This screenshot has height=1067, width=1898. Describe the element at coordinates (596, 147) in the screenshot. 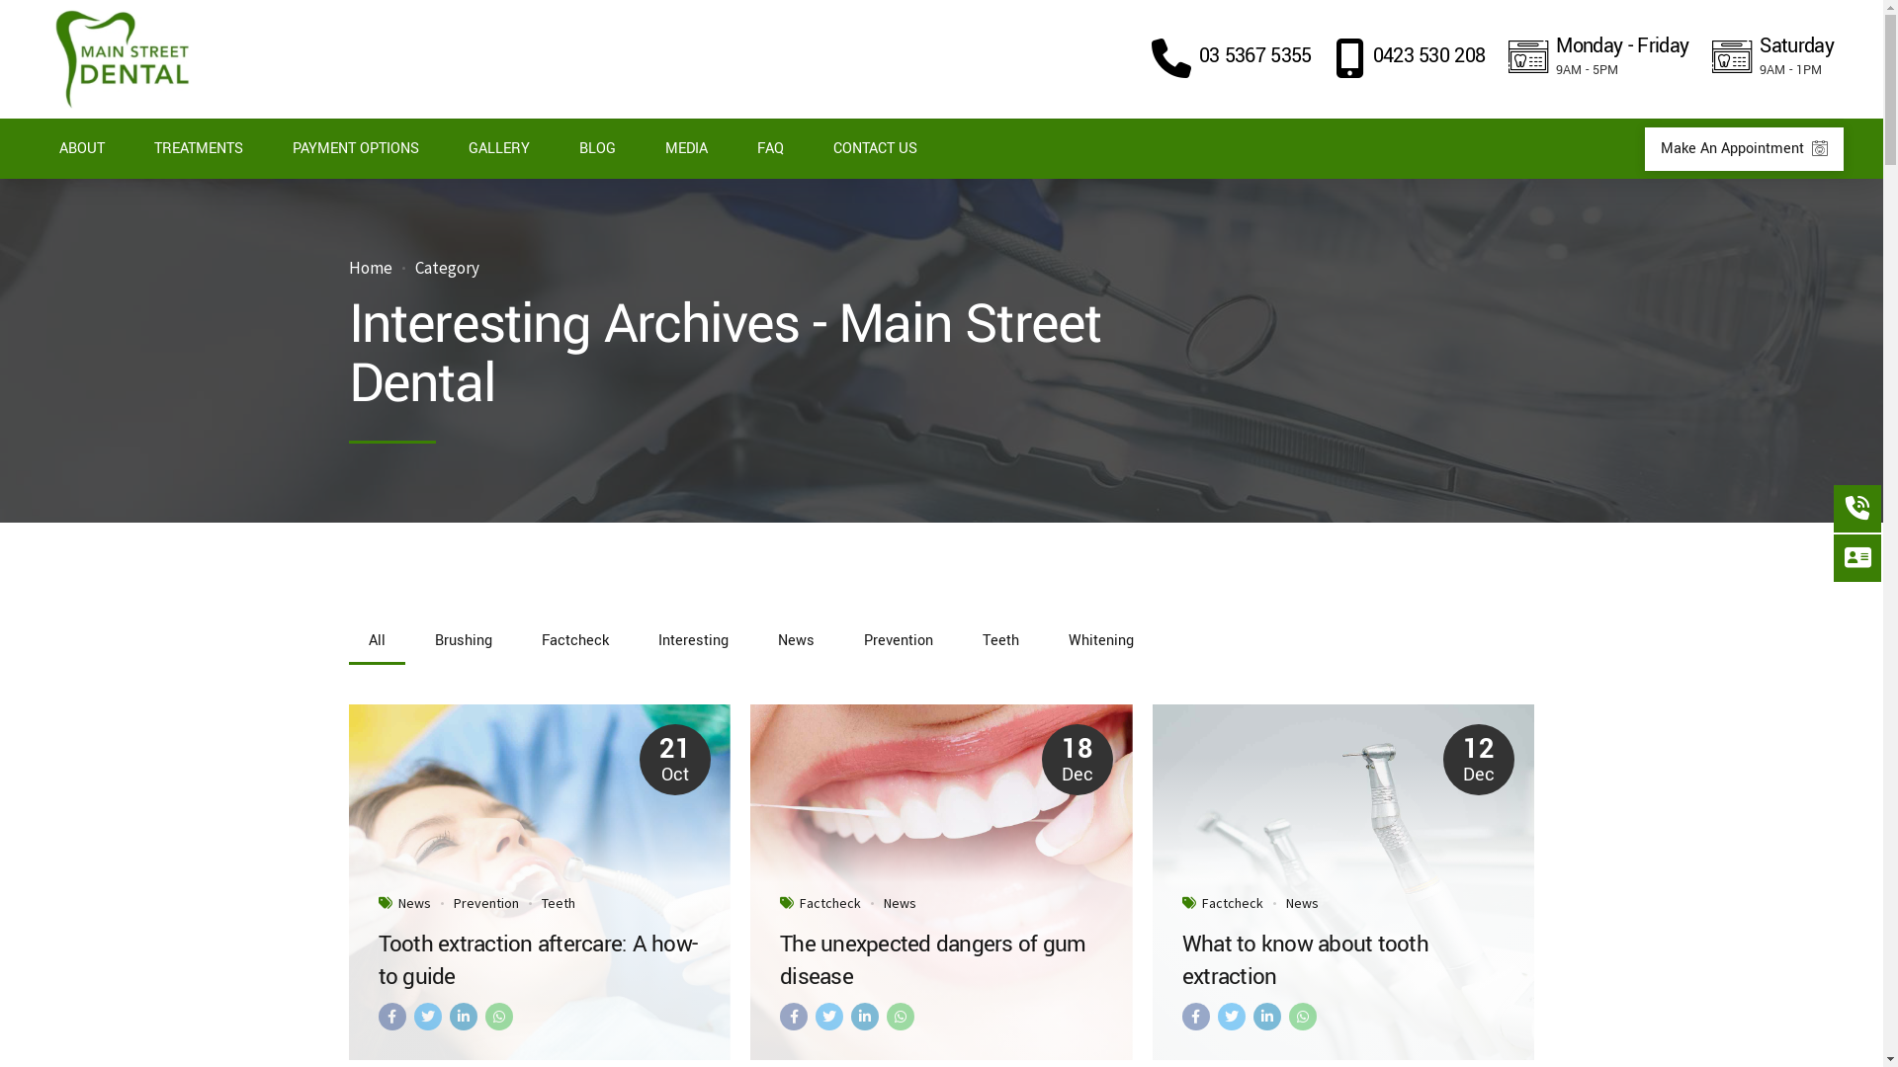

I see `'BLOG'` at that location.